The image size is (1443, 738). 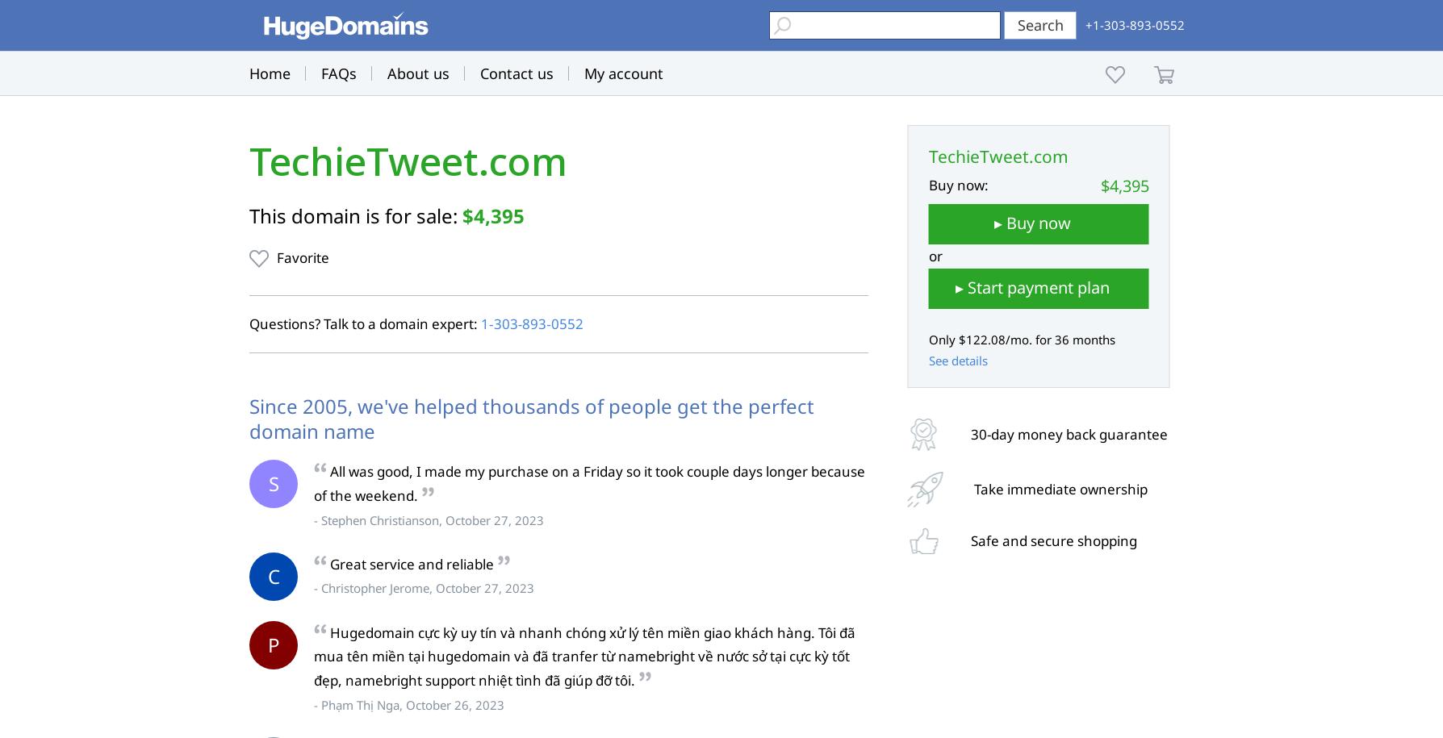 I want to click on '- Phạm Thị Nga, October 26, 2023', so click(x=409, y=703).